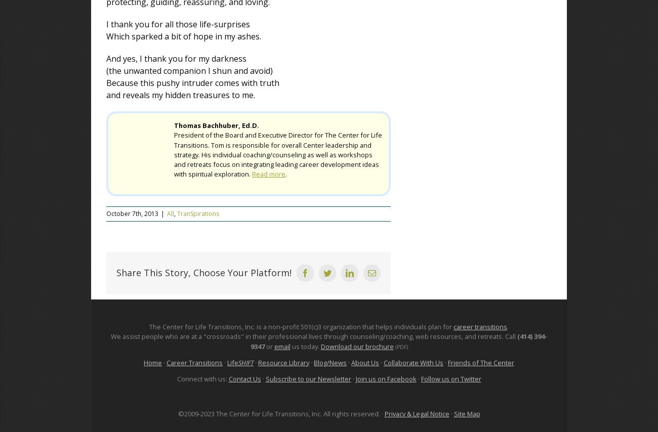 This screenshot has width=658, height=432. I want to click on '|', so click(162, 213).